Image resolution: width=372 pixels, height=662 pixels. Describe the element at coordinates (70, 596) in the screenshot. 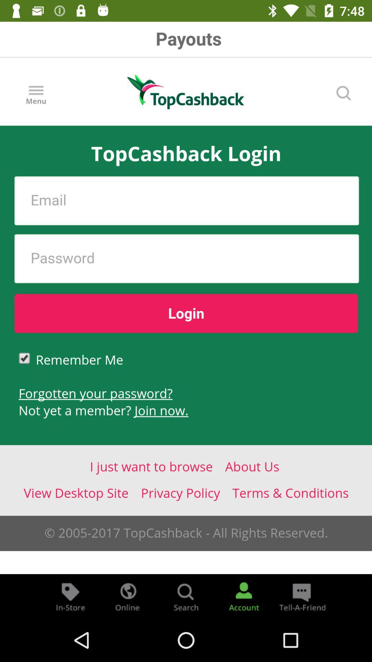

I see `store` at that location.